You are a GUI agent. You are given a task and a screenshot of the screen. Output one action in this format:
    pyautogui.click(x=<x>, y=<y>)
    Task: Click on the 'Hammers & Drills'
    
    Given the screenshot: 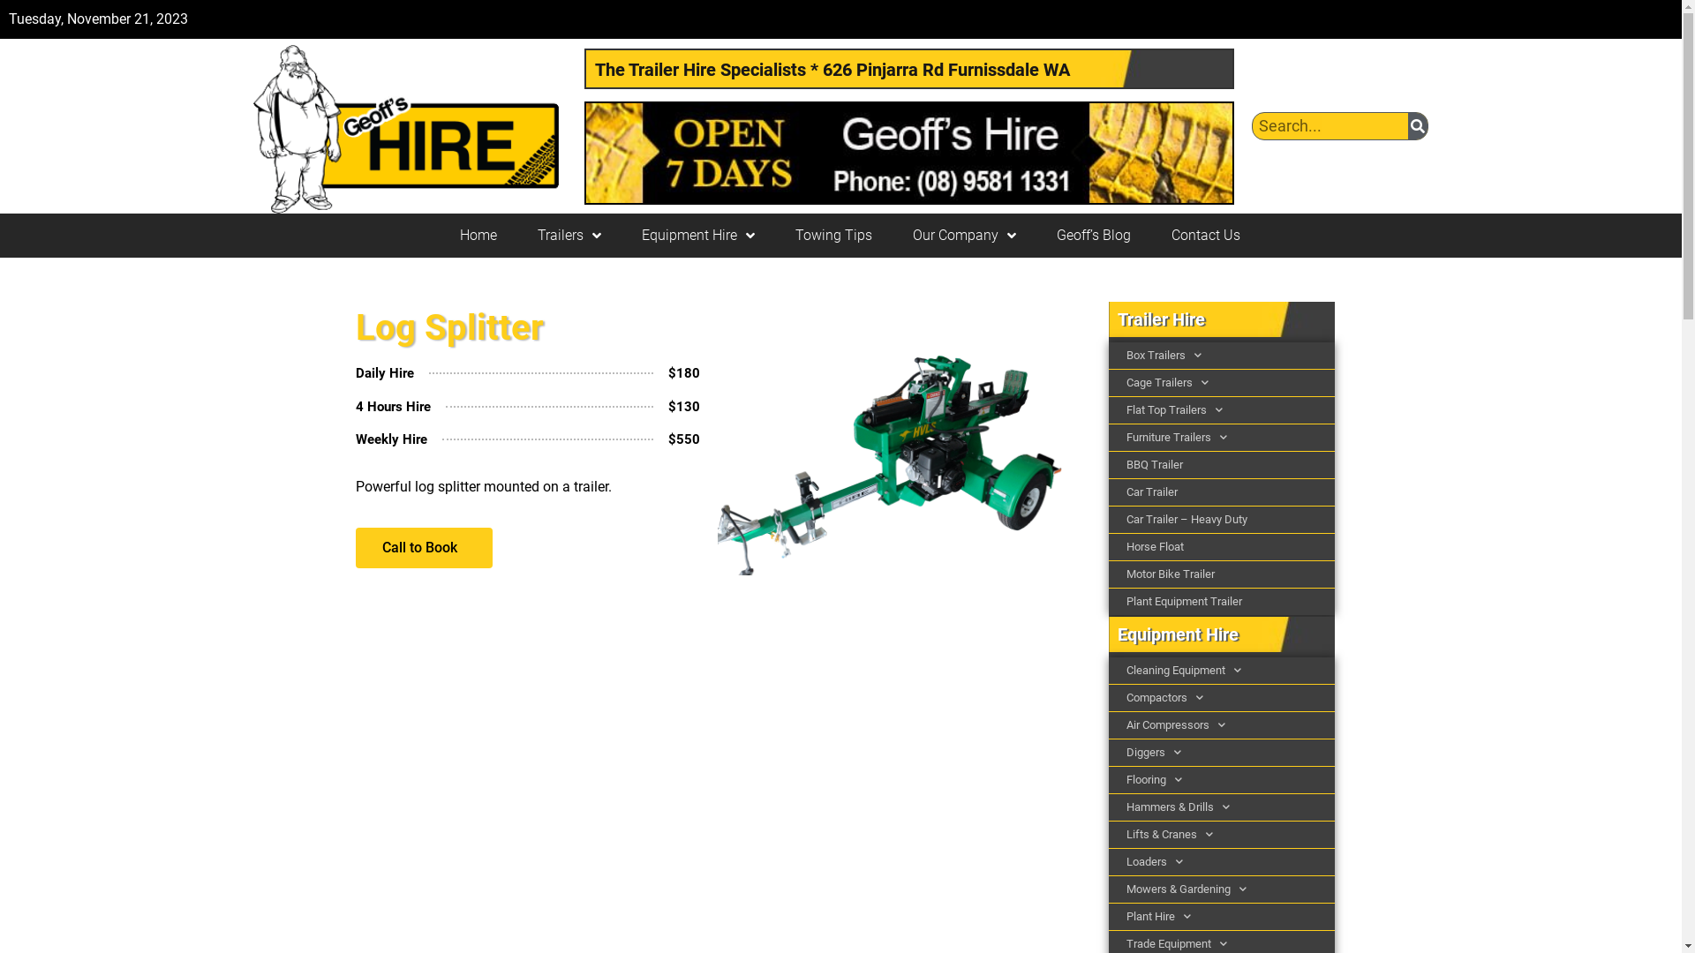 What is the action you would take?
    pyautogui.click(x=1108, y=807)
    